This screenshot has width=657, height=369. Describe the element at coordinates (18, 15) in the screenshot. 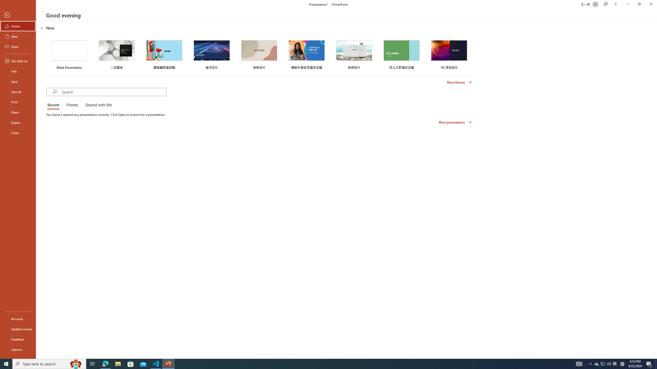

I see `'Back'` at that location.